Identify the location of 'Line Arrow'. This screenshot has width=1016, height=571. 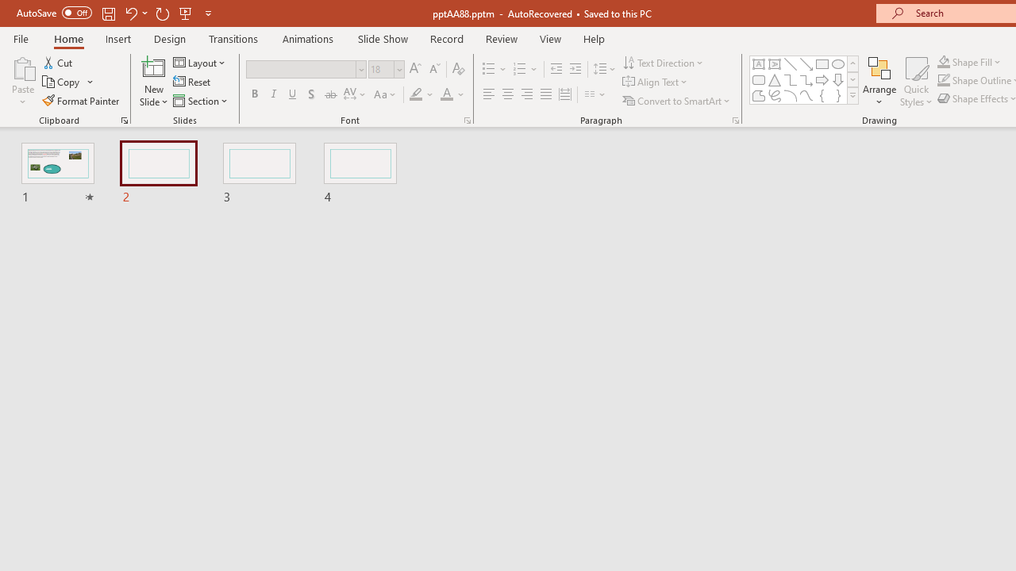
(806, 63).